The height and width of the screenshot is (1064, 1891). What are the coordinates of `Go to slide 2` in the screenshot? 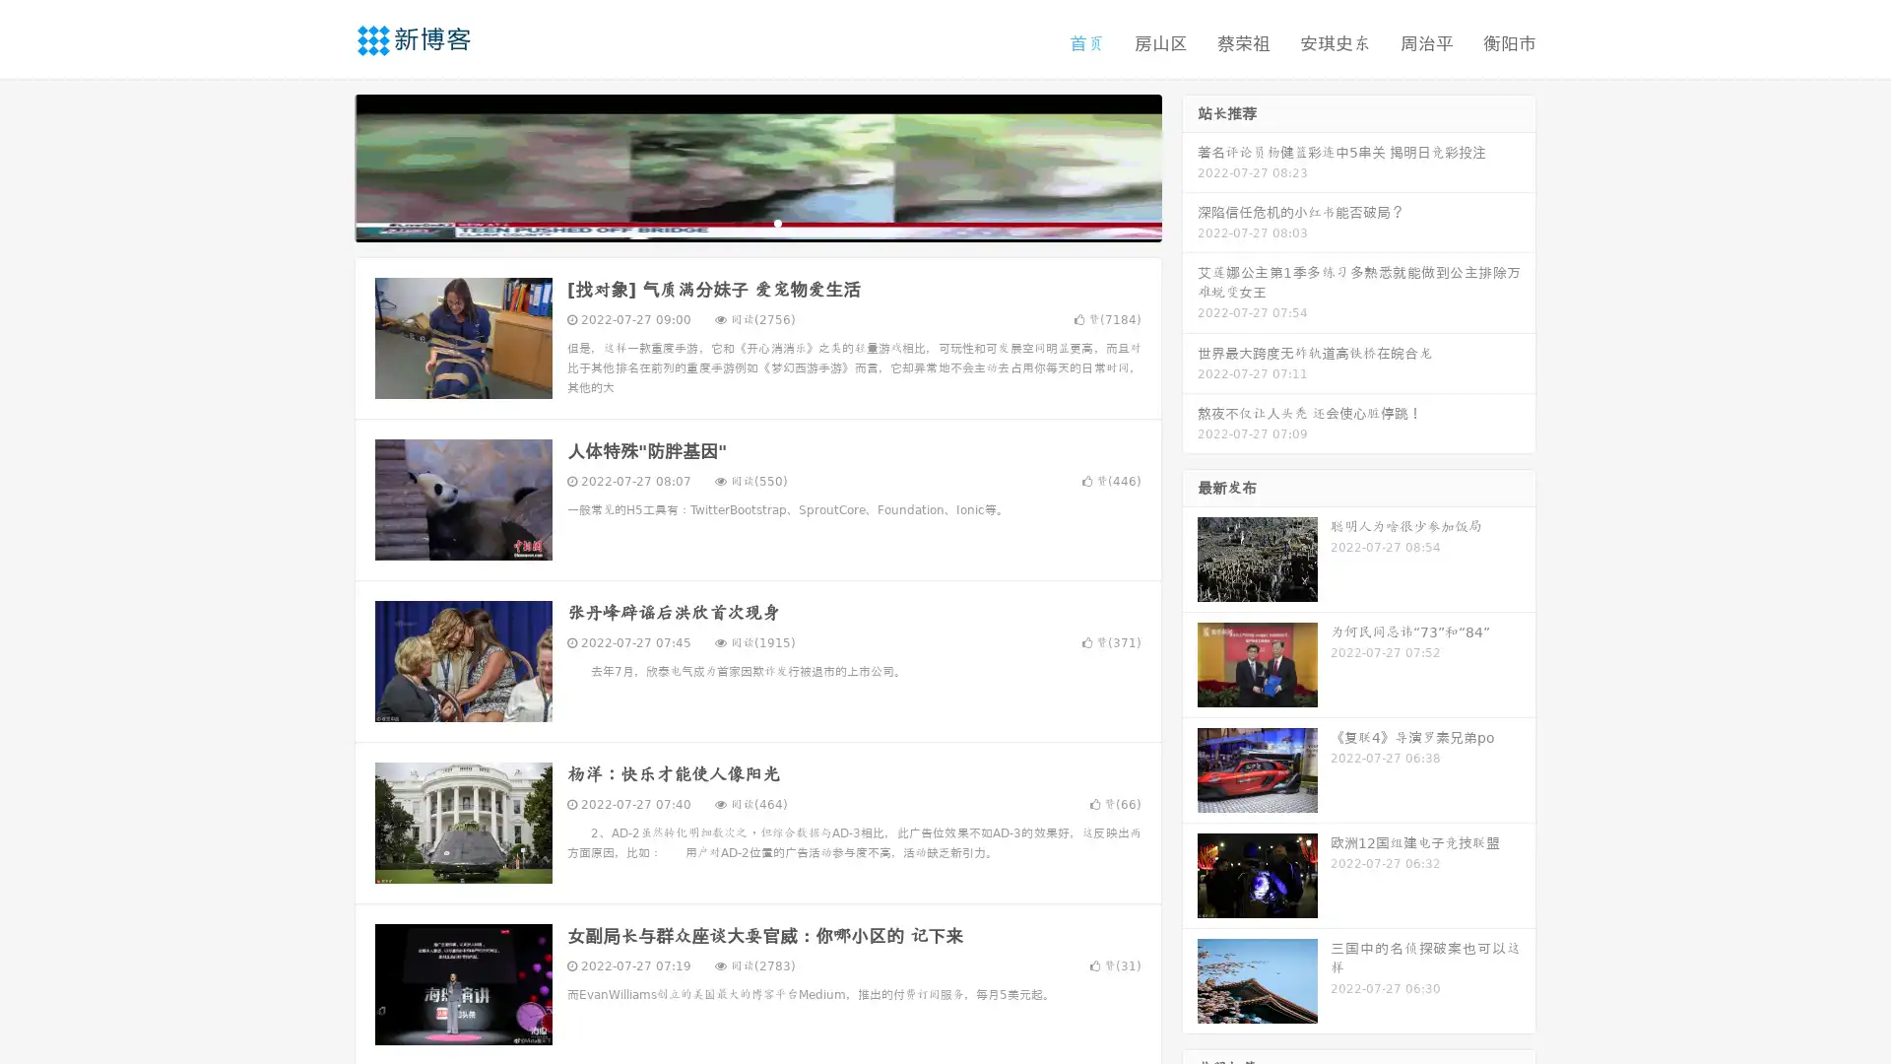 It's located at (756, 222).